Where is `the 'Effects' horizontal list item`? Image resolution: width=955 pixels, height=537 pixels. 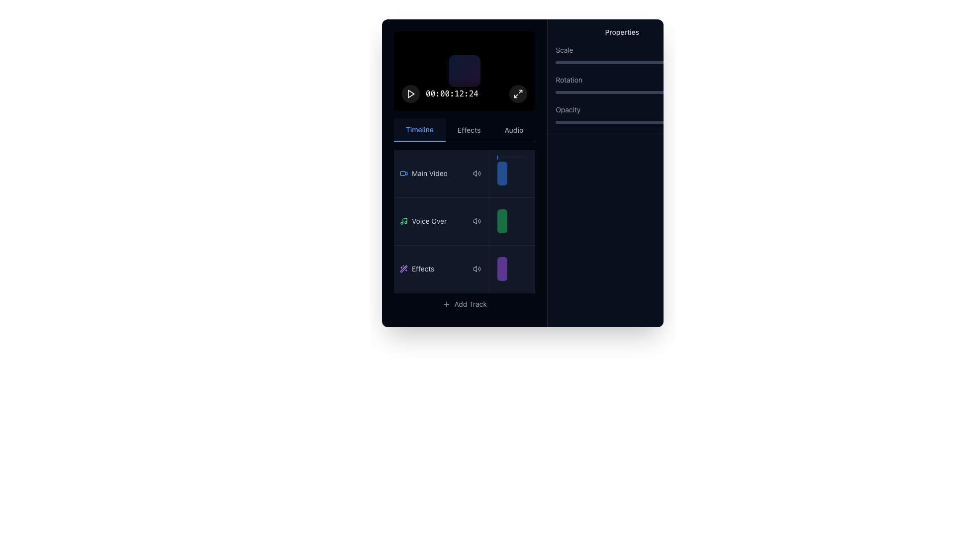
the 'Effects' horizontal list item is located at coordinates (464, 268).